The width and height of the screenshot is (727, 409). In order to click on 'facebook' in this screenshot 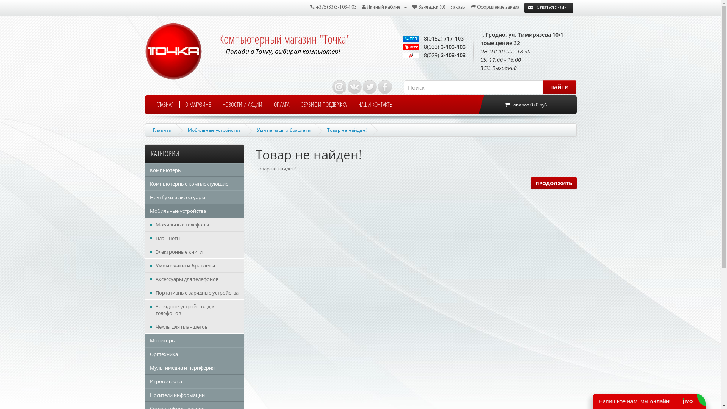, I will do `click(385, 86)`.